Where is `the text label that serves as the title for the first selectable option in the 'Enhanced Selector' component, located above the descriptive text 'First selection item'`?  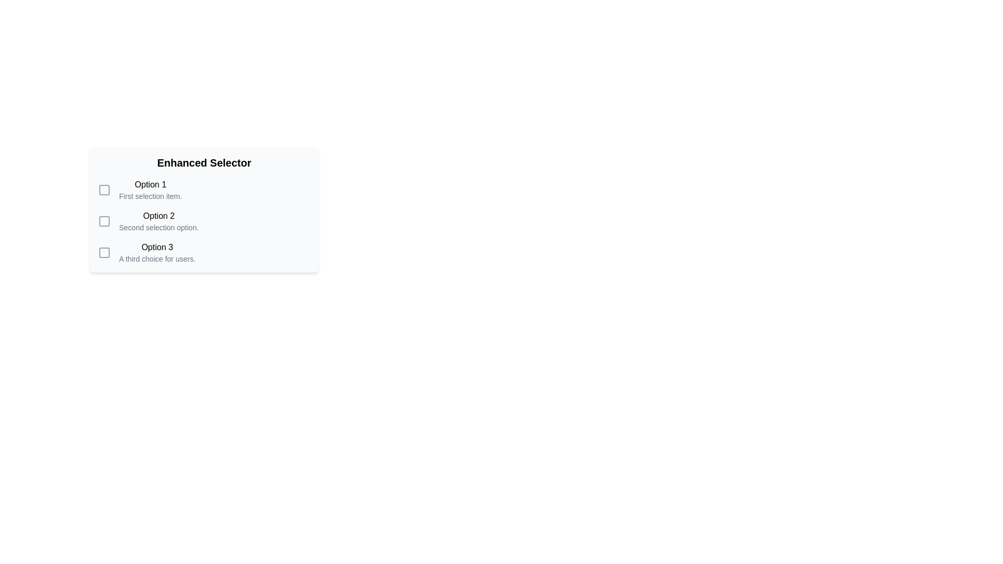 the text label that serves as the title for the first selectable option in the 'Enhanced Selector' component, located above the descriptive text 'First selection item' is located at coordinates (150, 184).